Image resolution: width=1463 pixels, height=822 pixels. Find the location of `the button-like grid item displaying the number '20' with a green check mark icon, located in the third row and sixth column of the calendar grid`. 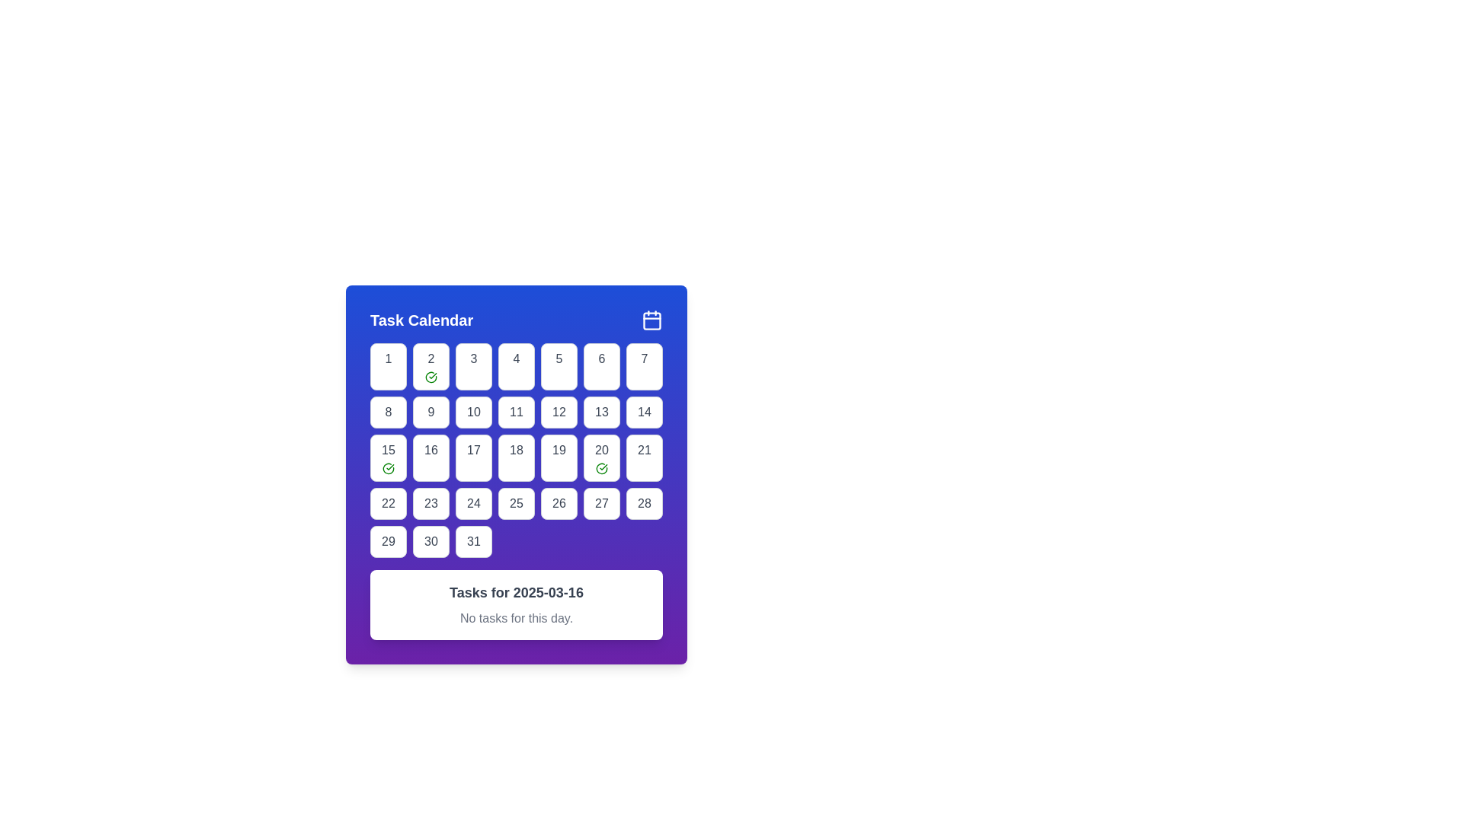

the button-like grid item displaying the number '20' with a green check mark icon, located in the third row and sixth column of the calendar grid is located at coordinates (601, 457).